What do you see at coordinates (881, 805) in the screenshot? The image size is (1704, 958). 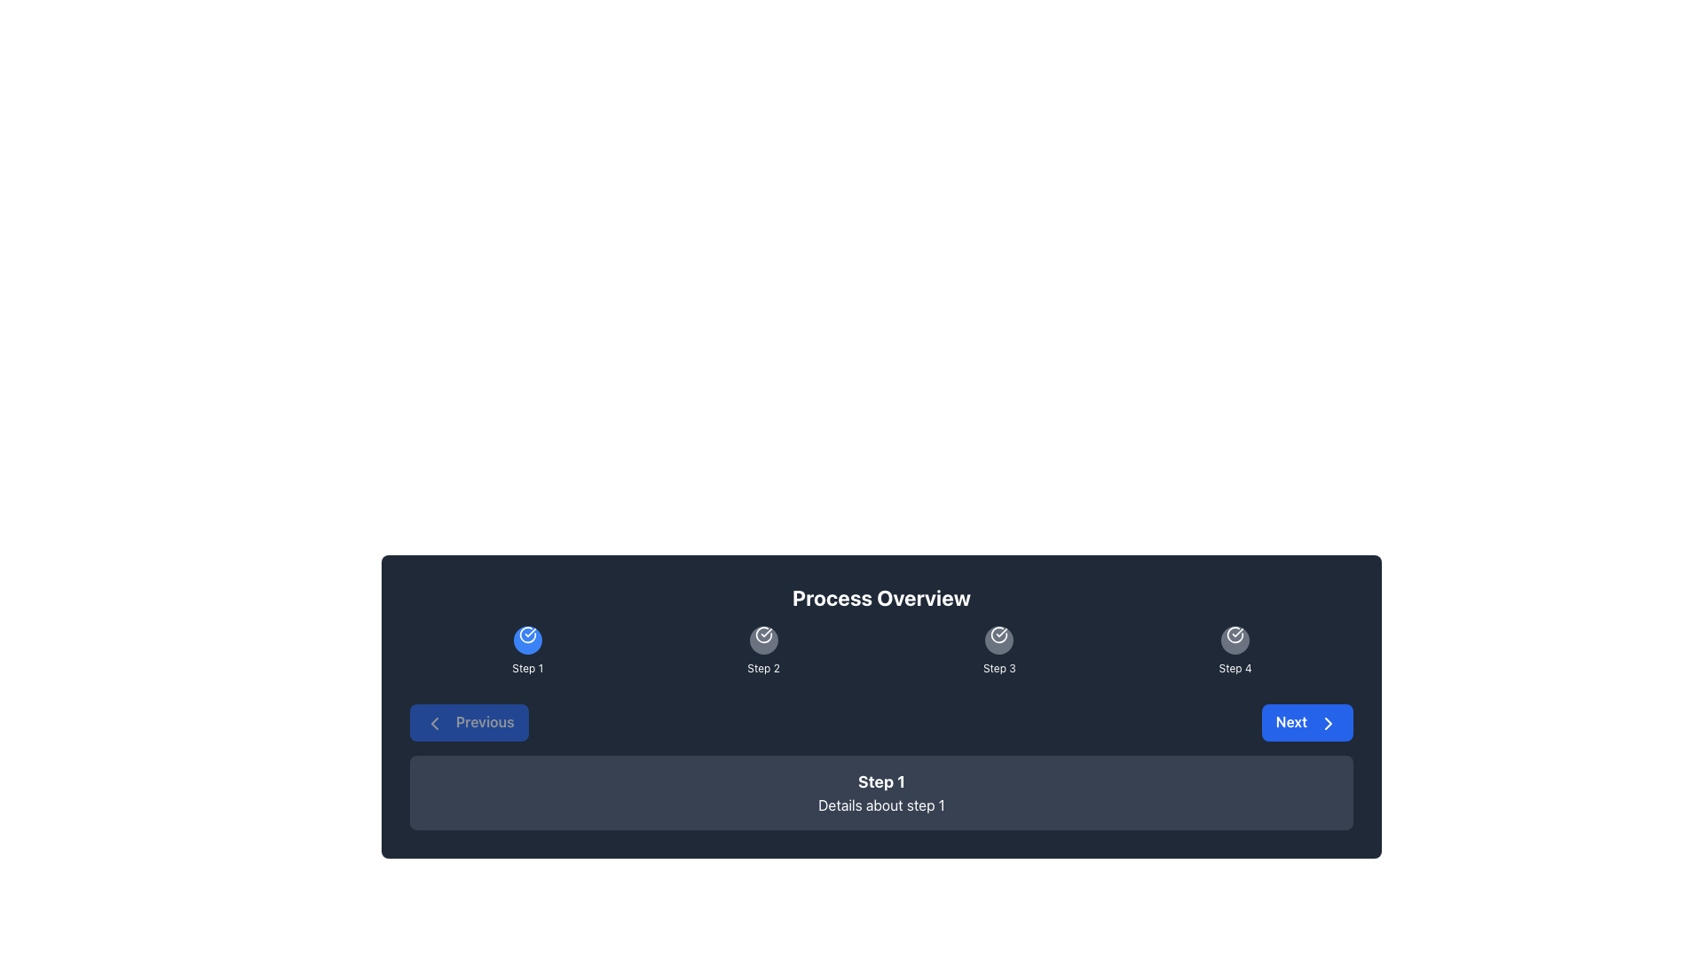 I see `the static text element displaying 'Details about step 1', which is located beneath the bold title 'Step 1' in a dark-themed interface` at bounding box center [881, 805].